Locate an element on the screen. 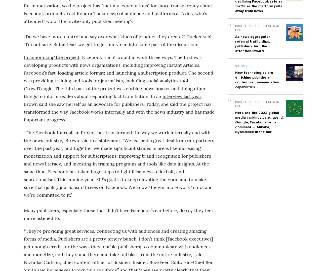  ', Brown said she saw herself as an advocate for publishers. Today, she said the project has transformed the way Facebook works internally and with the news industry and has made important progress.' is located at coordinates (119, 108).